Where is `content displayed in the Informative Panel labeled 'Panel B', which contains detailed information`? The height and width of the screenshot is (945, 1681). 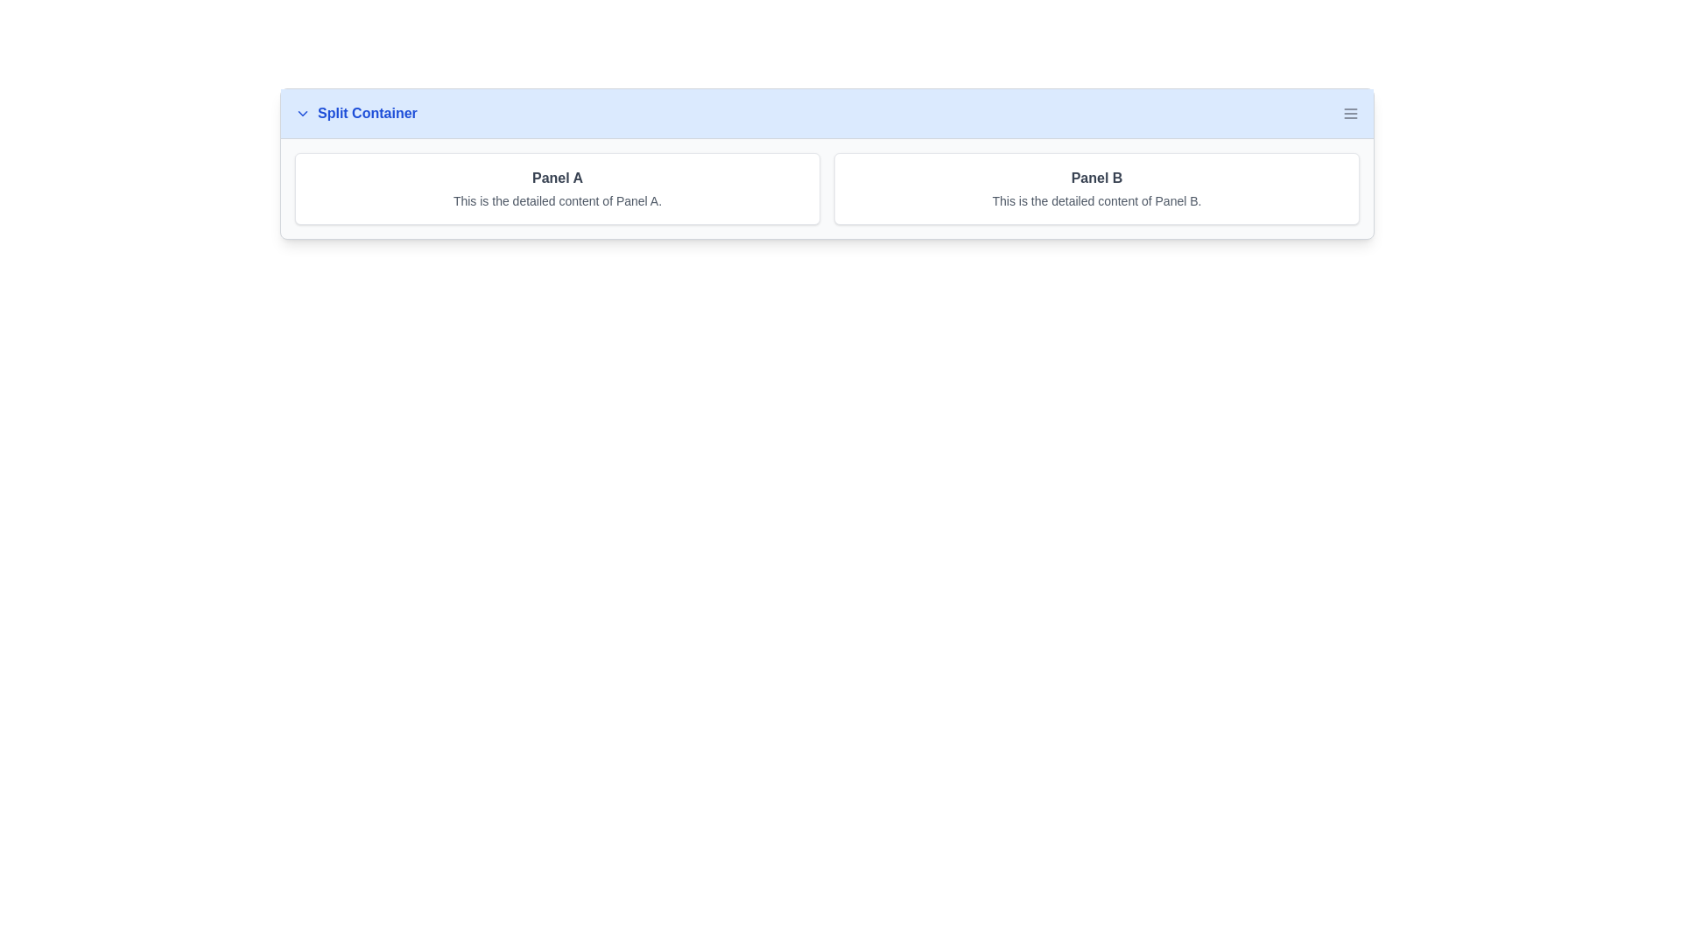
content displayed in the Informative Panel labeled 'Panel B', which contains detailed information is located at coordinates (1095, 189).